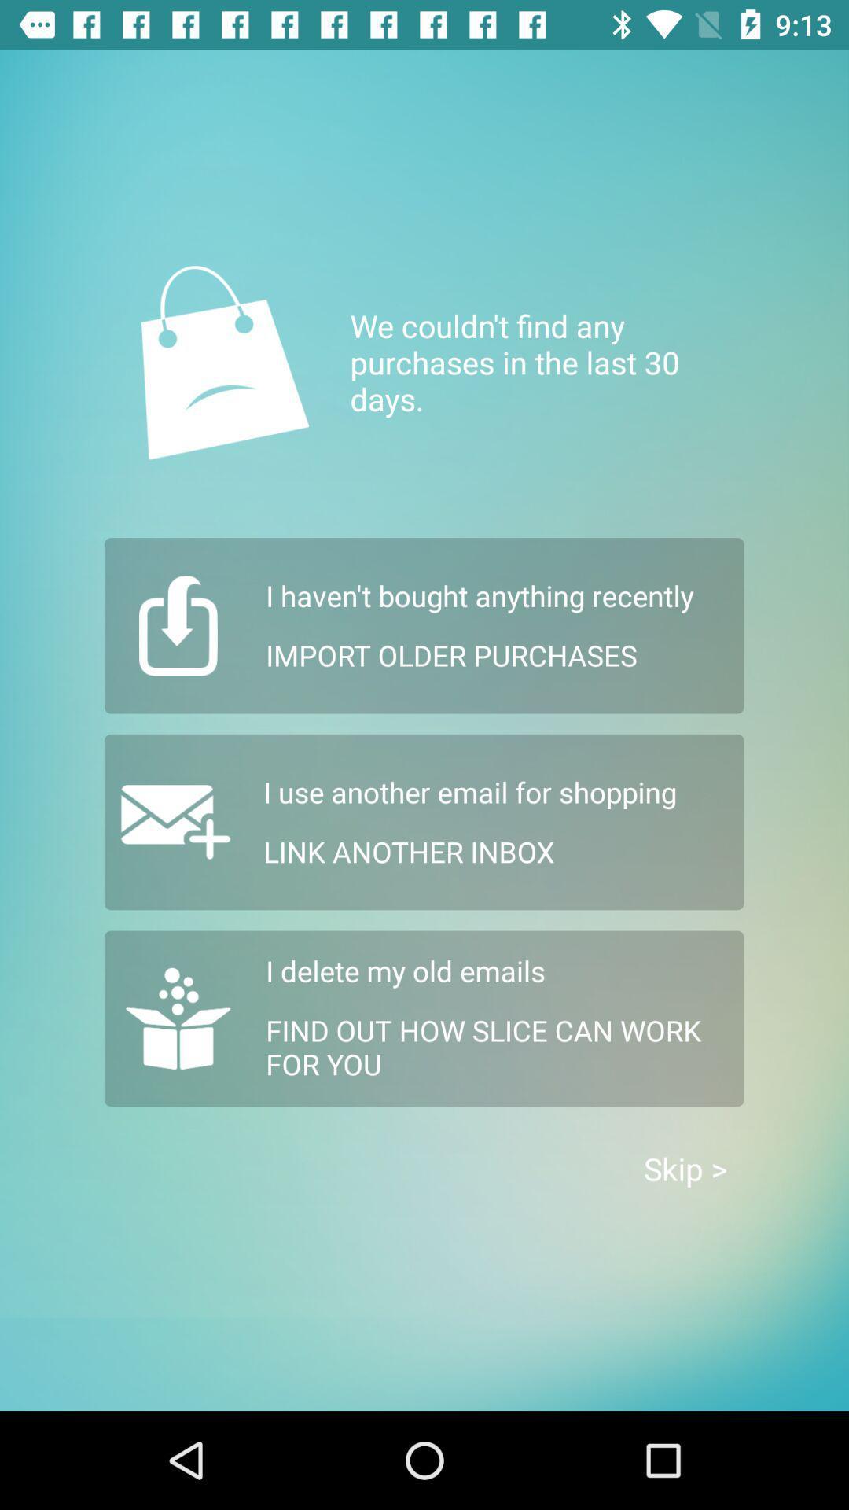  What do you see at coordinates (685, 1169) in the screenshot?
I see `the icon at the bottom right corner` at bounding box center [685, 1169].